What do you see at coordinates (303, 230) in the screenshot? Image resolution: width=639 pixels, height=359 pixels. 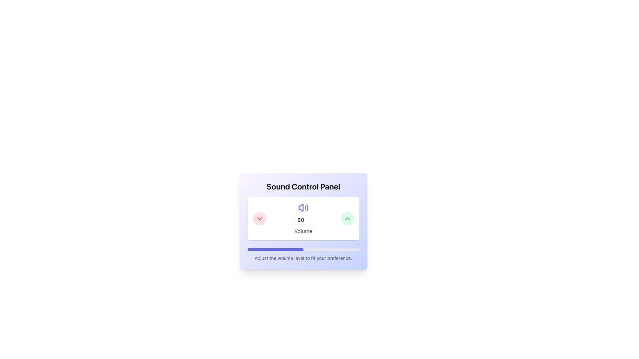 I see `description of the Text Label indicating the volume level in the 'Sound Control Panel' interface, located directly beneath the numeric input box displaying '50'` at bounding box center [303, 230].